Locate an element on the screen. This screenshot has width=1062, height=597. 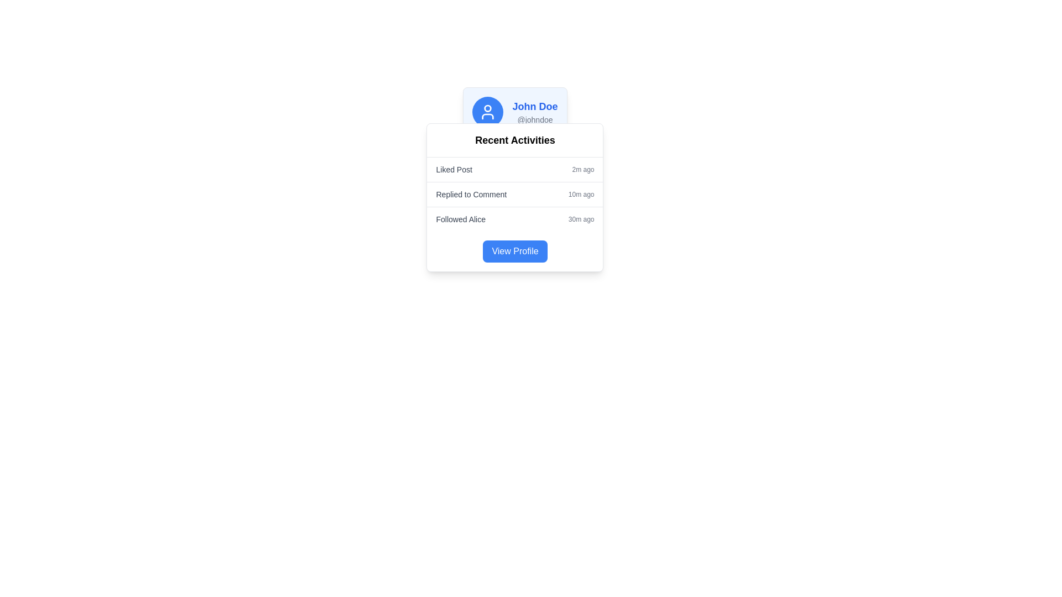
the blue rectangular button labeled 'View Profile' to observe the hover effects is located at coordinates (514, 252).